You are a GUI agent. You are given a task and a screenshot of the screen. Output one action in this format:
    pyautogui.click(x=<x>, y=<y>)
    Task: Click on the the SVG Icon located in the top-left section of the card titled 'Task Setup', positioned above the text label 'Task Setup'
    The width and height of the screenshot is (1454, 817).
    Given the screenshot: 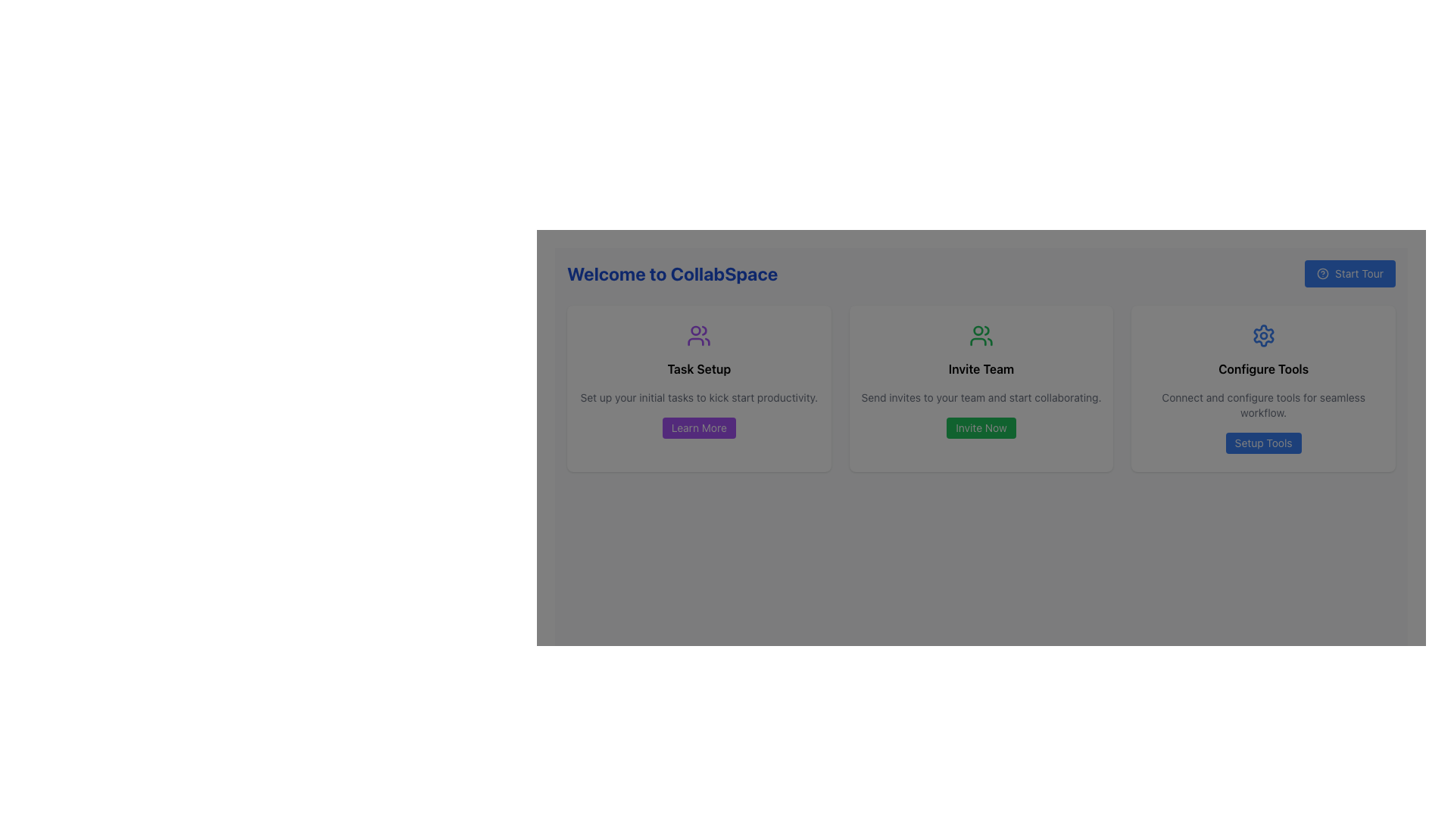 What is the action you would take?
    pyautogui.click(x=698, y=334)
    